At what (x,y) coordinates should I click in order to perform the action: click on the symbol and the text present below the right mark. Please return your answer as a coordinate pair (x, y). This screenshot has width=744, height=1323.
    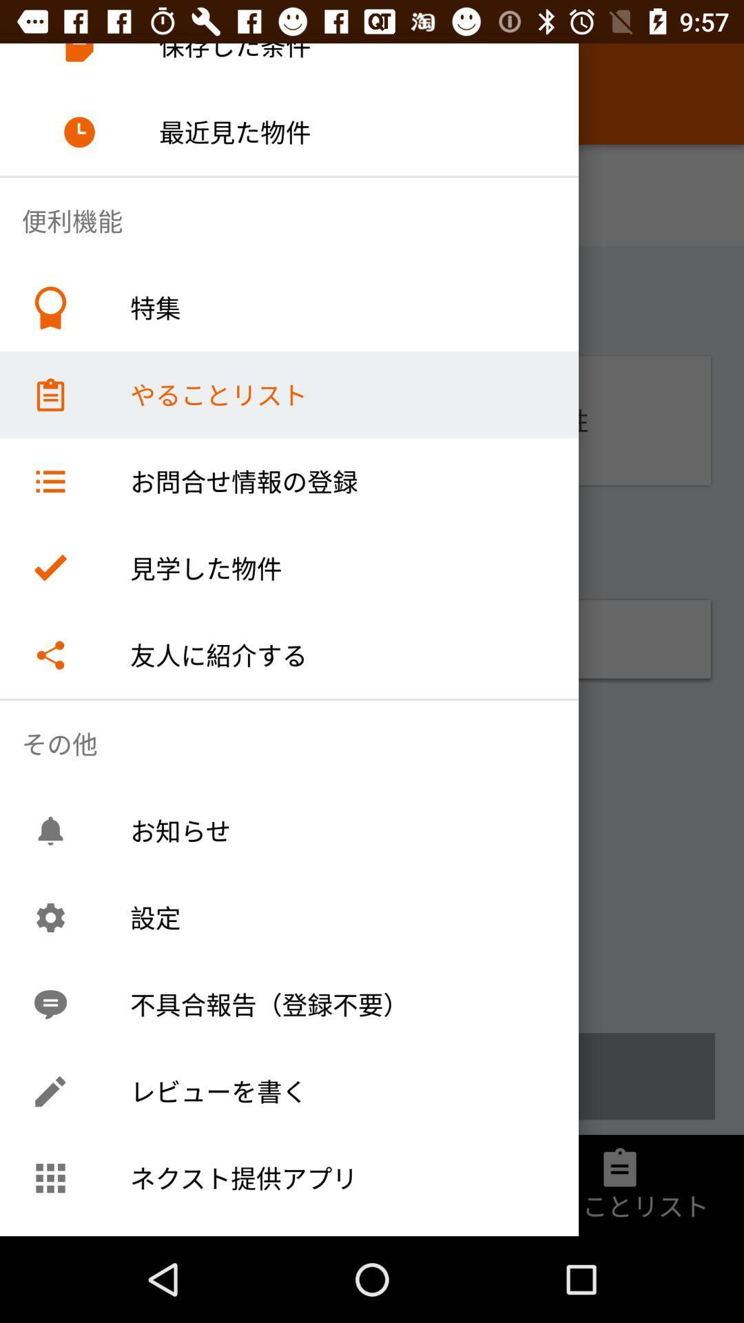
    Looking at the image, I should click on (372, 639).